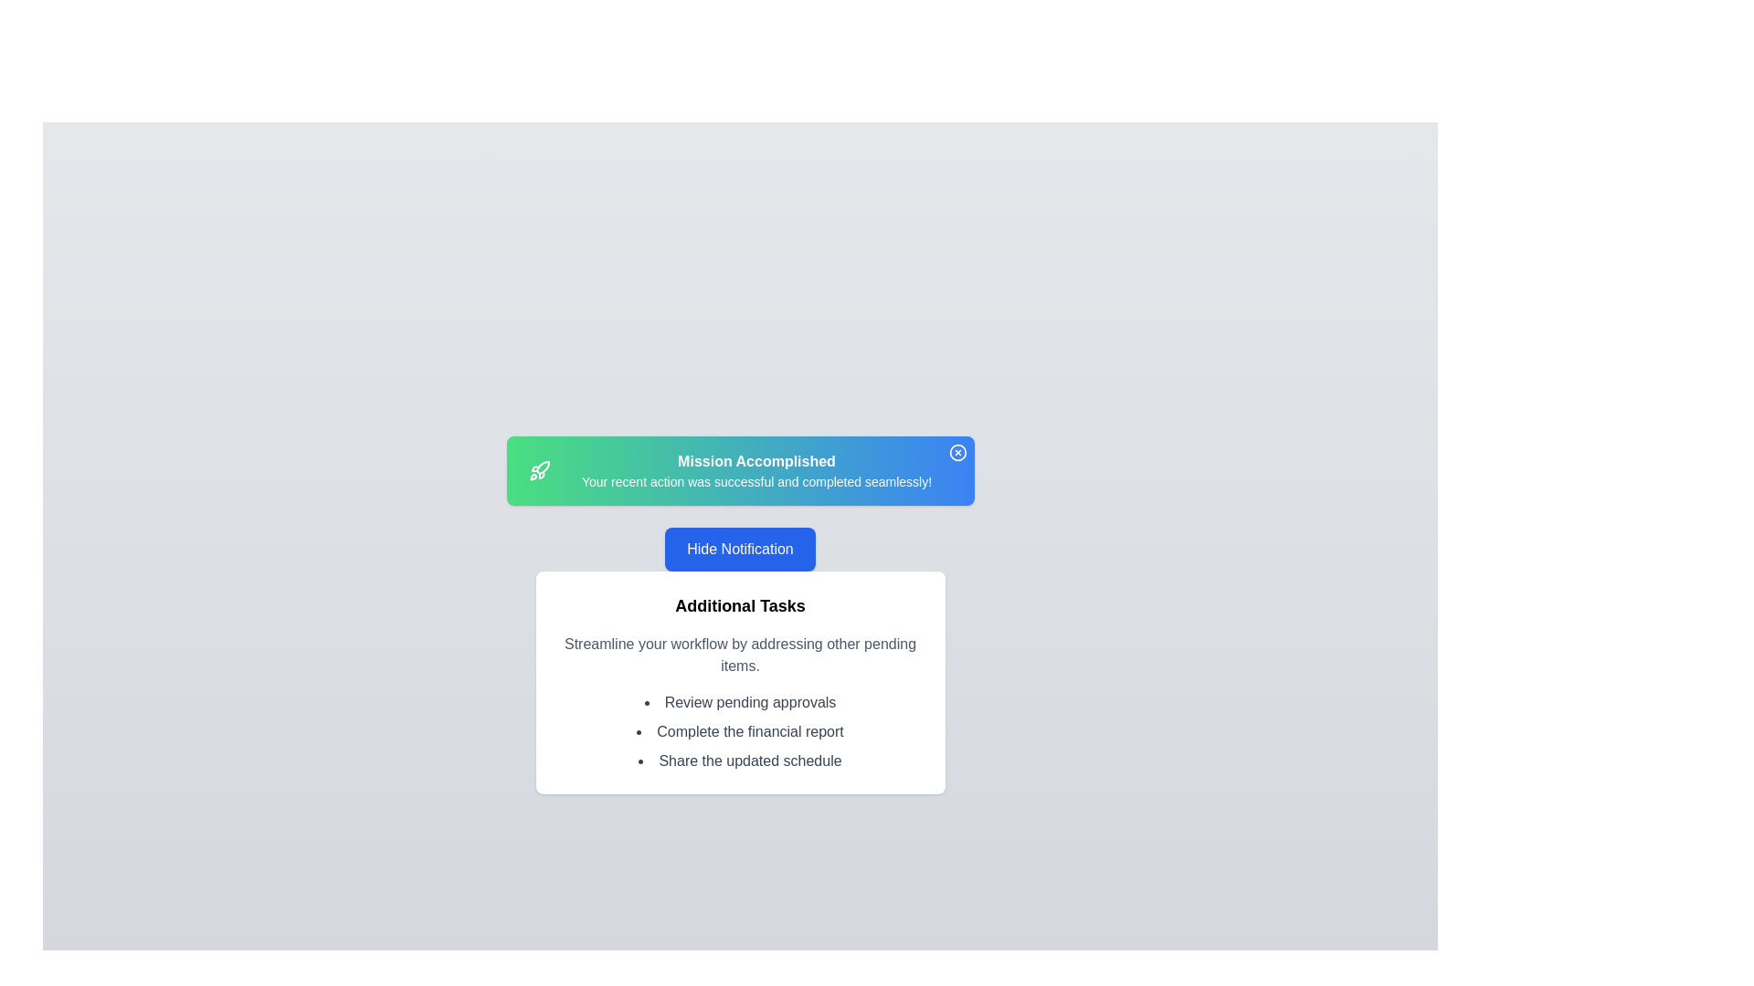 The height and width of the screenshot is (986, 1754). I want to click on the list item 'Review pending approvals' in the 'Additional Tasks' section, so click(740, 702).